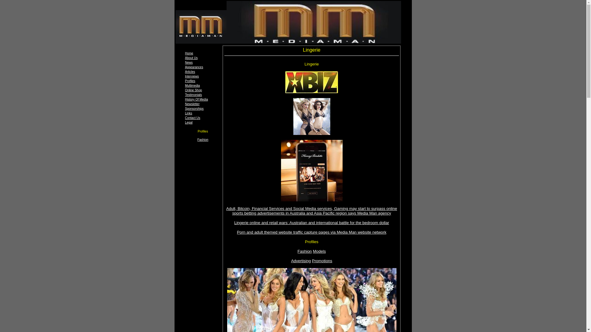 This screenshot has height=332, width=591. Describe the element at coordinates (193, 95) in the screenshot. I see `'Testimonials'` at that location.